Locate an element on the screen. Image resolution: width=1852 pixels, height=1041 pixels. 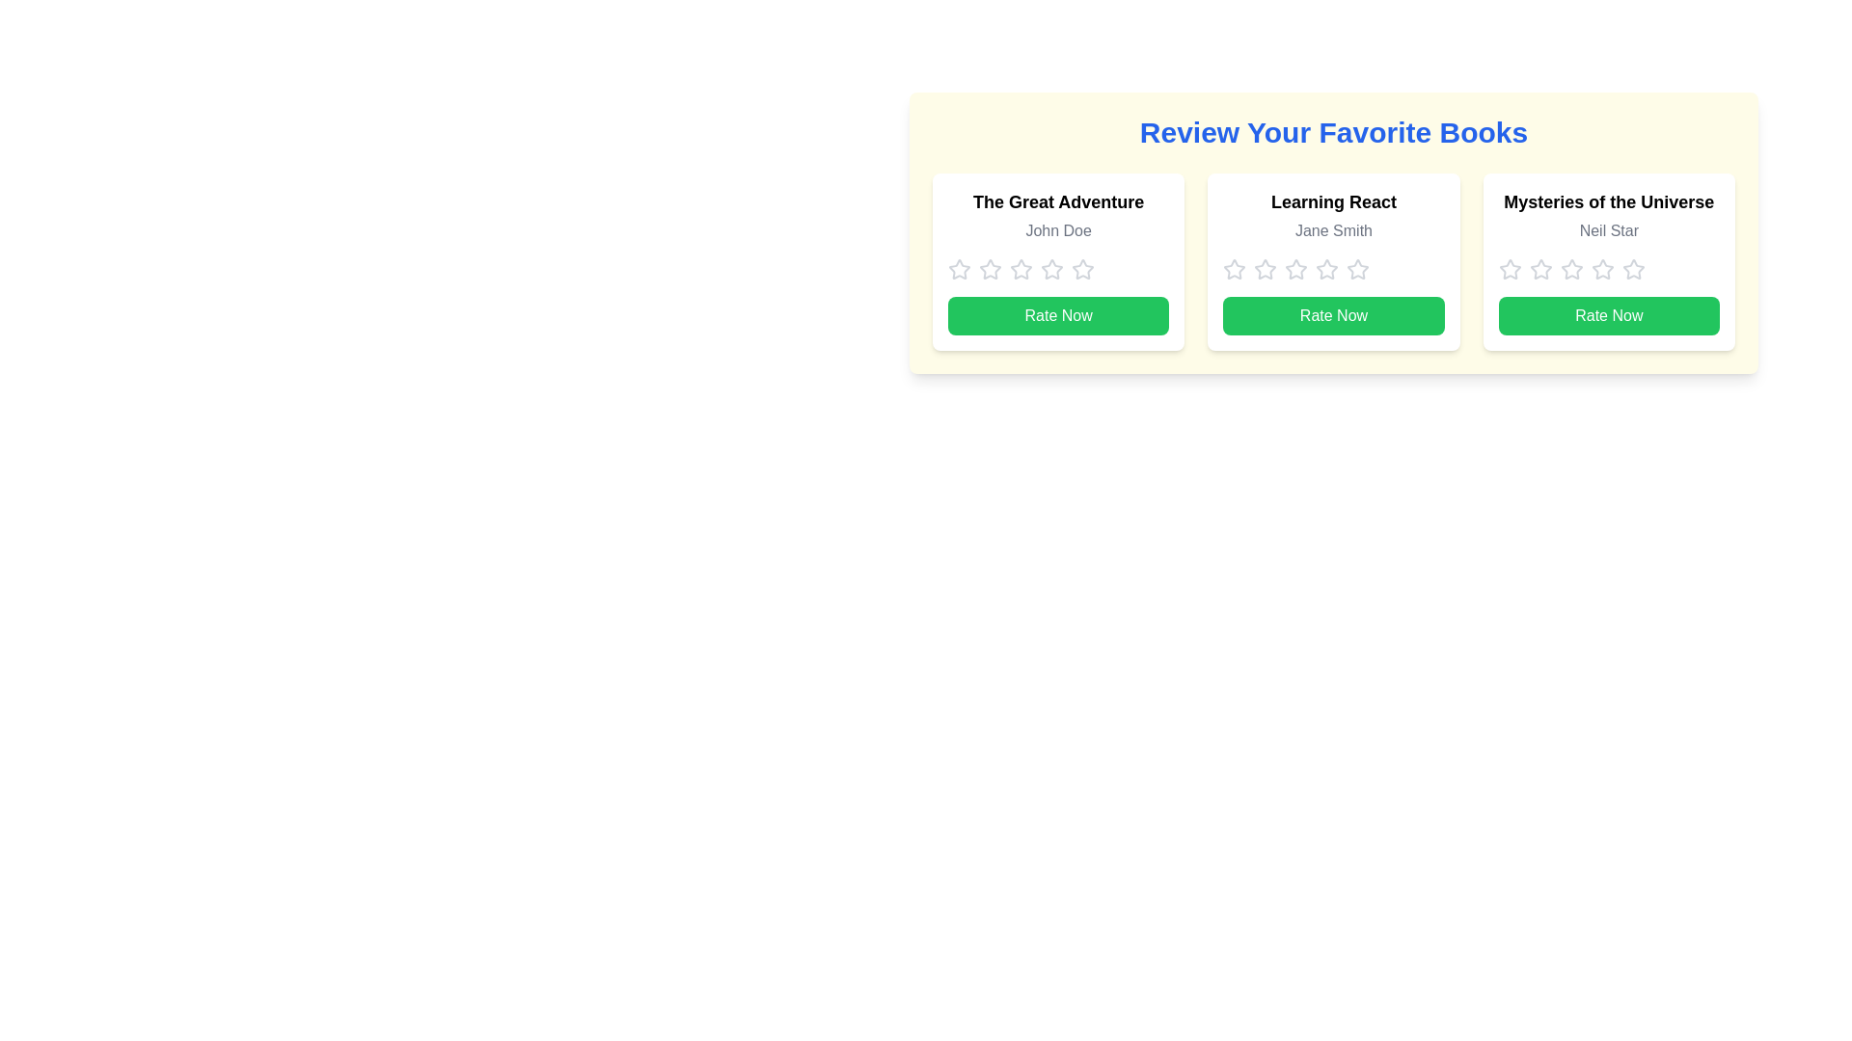
the fourth star icon is located at coordinates (1083, 270).